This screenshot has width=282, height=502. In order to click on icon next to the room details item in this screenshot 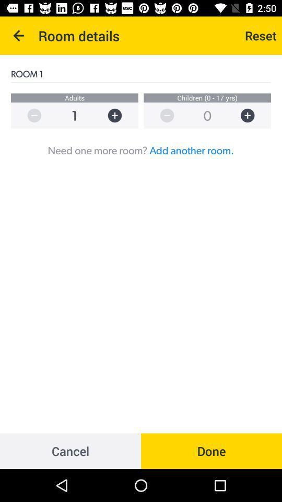, I will do `click(19, 36)`.